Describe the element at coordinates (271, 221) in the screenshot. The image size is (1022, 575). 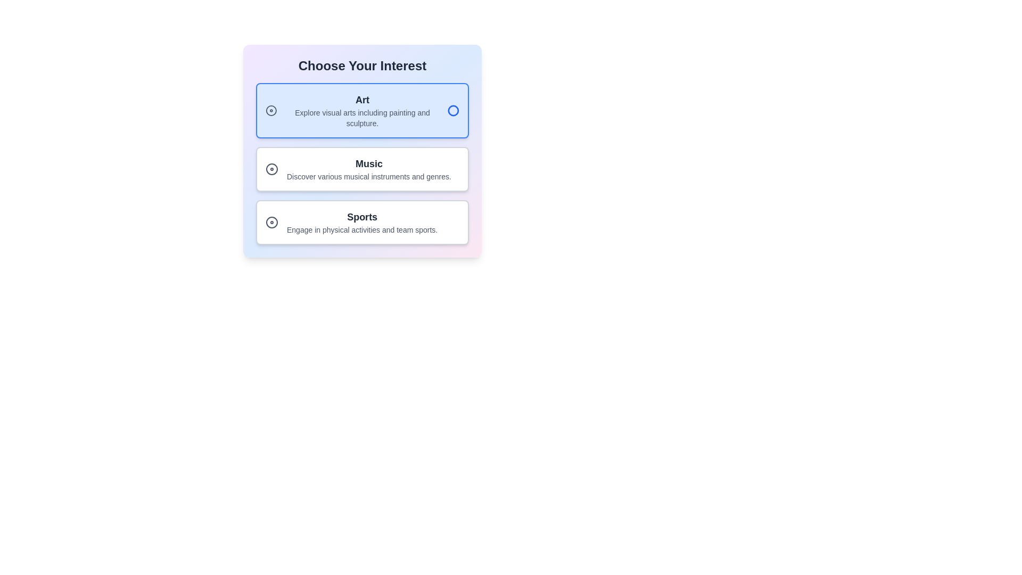
I see `the circular SVG element representing the 'Sports' interest in the 'Choose Your Interest' interface` at that location.